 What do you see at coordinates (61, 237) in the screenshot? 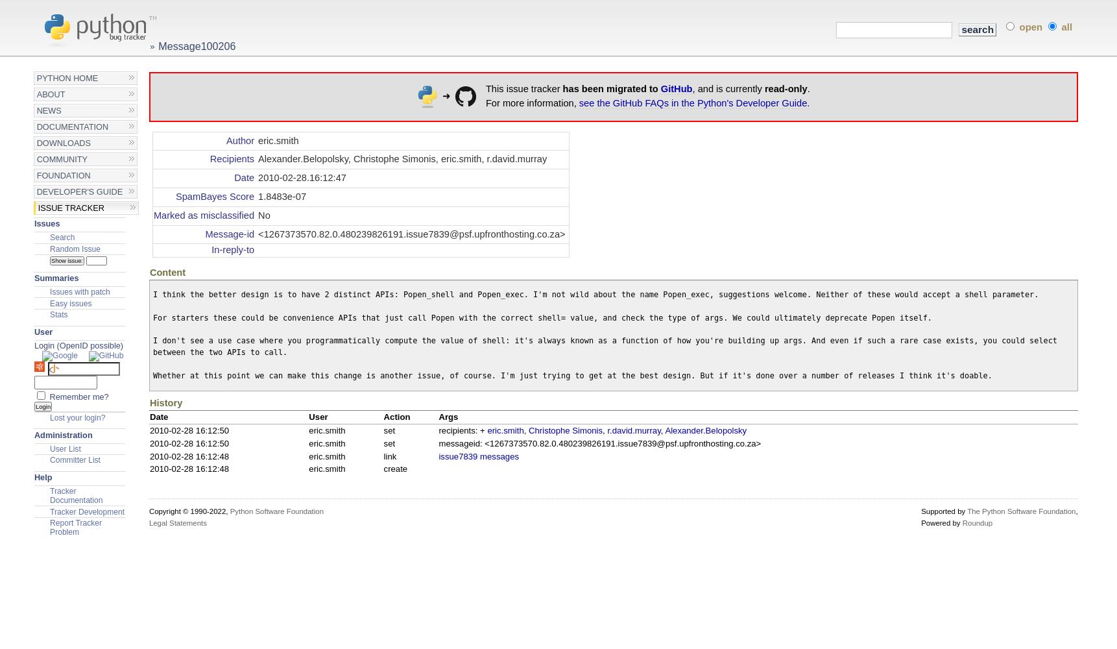
I see `'Search'` at bounding box center [61, 237].